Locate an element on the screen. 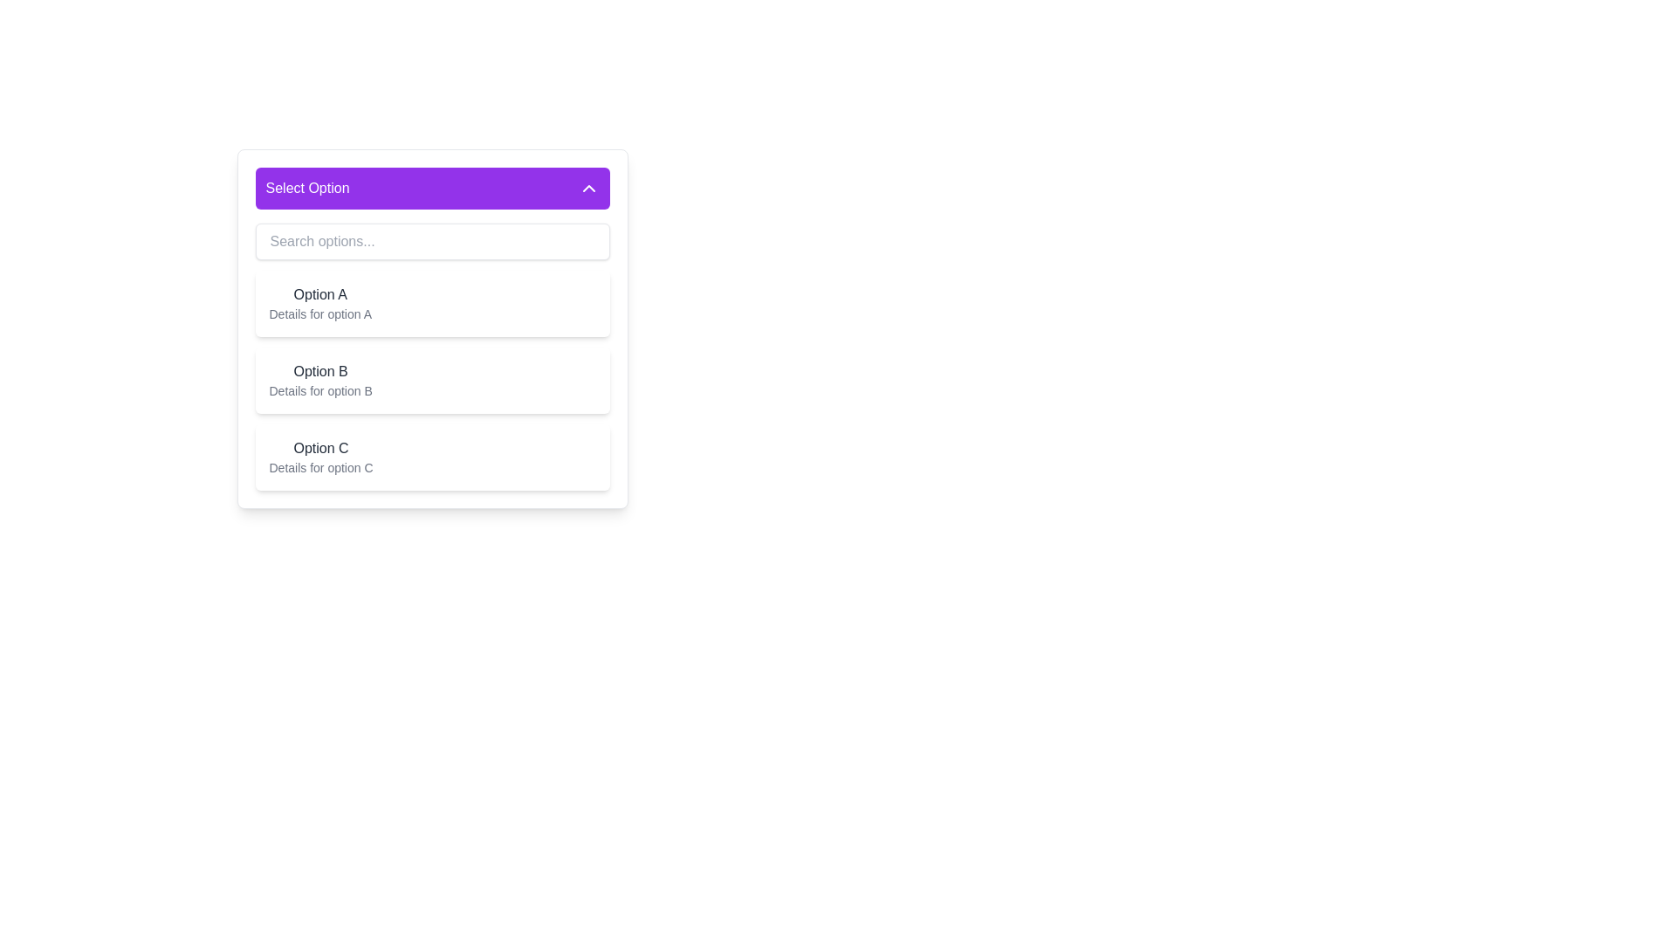 Image resolution: width=1676 pixels, height=943 pixels. the 'Option A' selectable card for keyboard navigation by moving the cursor to its center is located at coordinates (432, 329).